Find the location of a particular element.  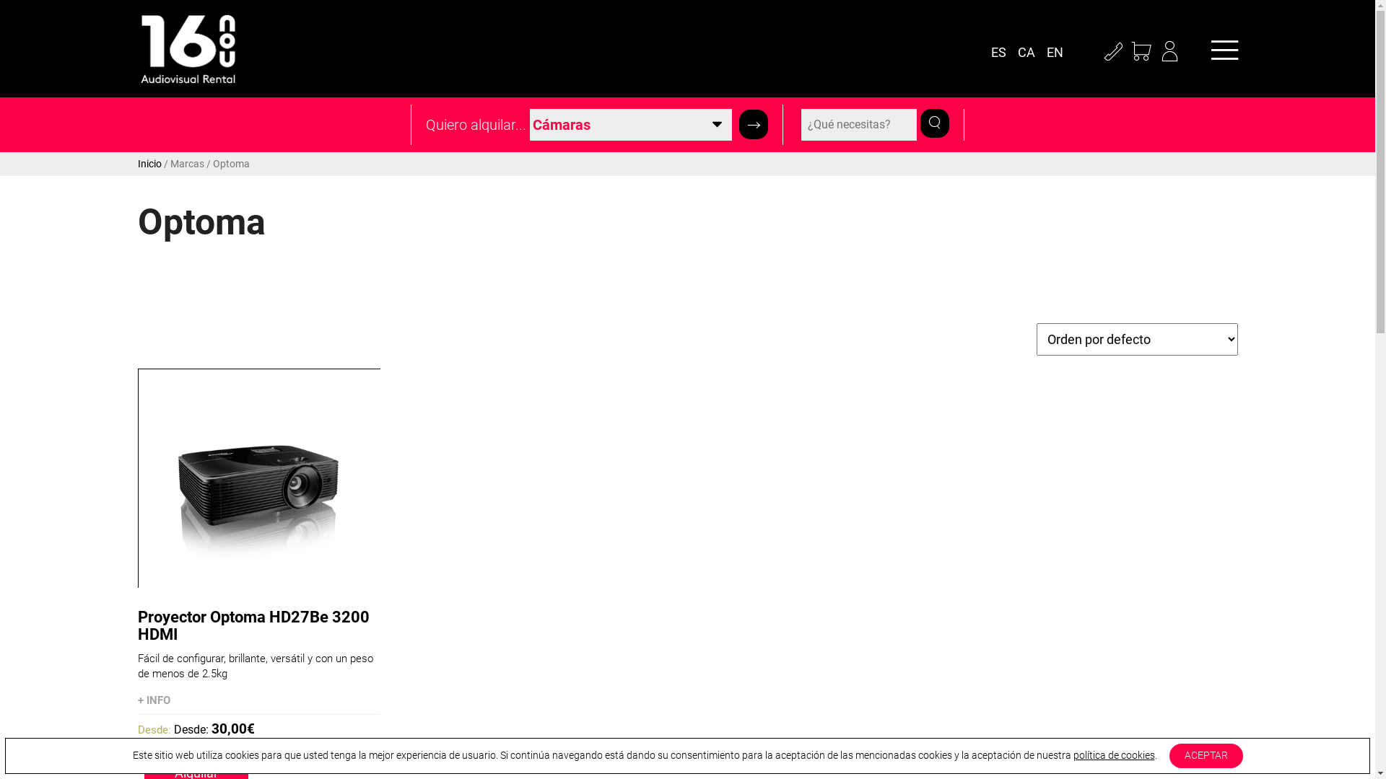

'EN' is located at coordinates (1058, 52).